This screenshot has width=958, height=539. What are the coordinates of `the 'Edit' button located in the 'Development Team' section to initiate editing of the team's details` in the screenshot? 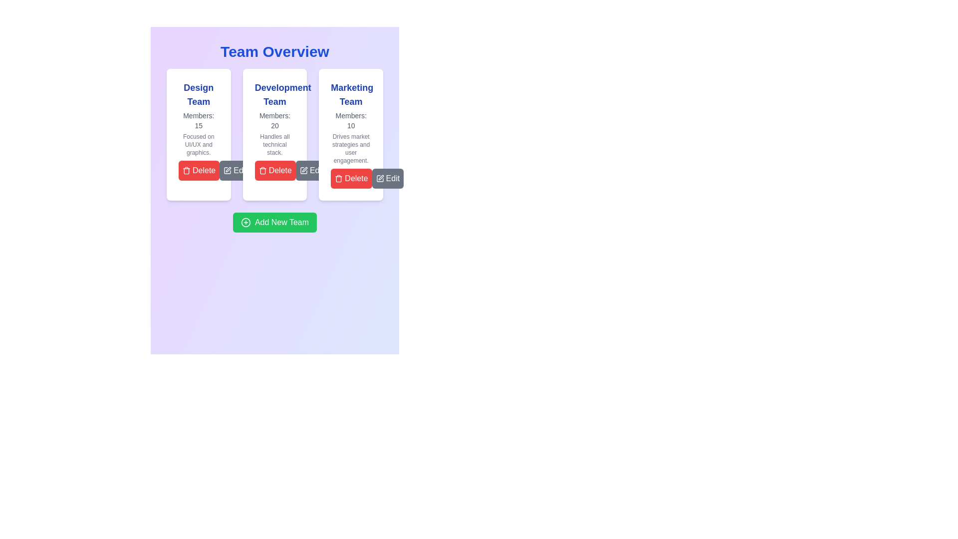 It's located at (235, 170).